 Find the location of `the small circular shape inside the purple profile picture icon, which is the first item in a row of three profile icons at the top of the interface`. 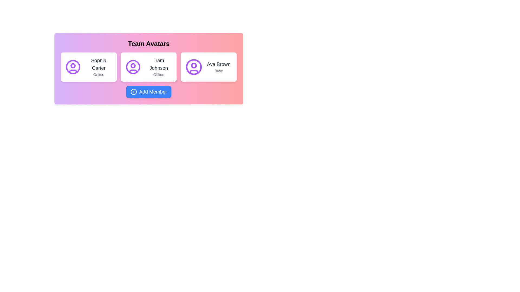

the small circular shape inside the purple profile picture icon, which is the first item in a row of three profile icons at the top of the interface is located at coordinates (73, 65).